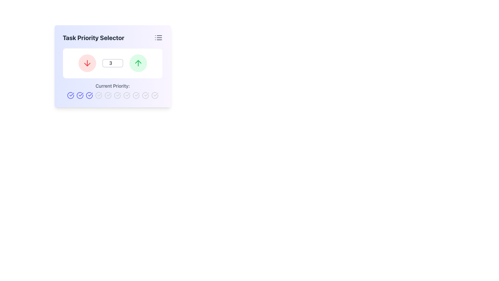 The width and height of the screenshot is (499, 281). I want to click on the interactive button with an upward-pointing arrow to prepare for keyboard interaction, so click(138, 63).